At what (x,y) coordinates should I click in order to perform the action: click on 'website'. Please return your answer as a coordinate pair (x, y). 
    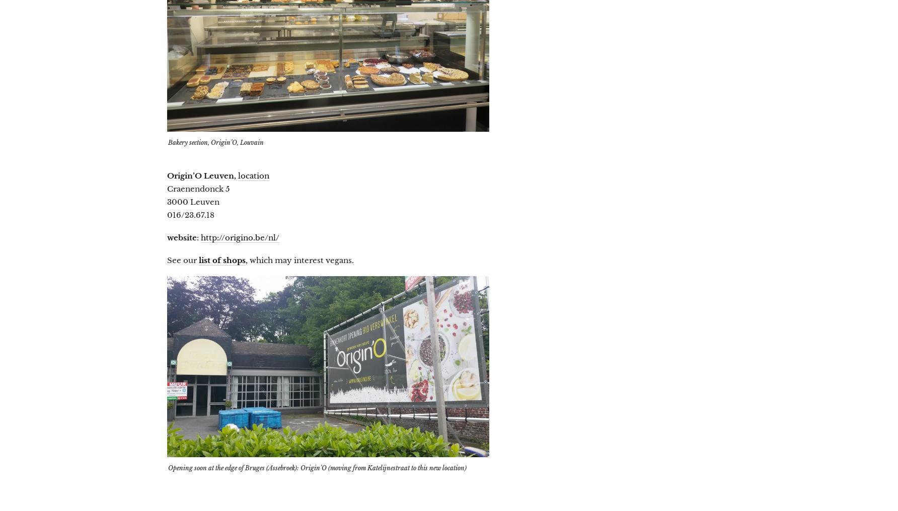
    Looking at the image, I should click on (181, 237).